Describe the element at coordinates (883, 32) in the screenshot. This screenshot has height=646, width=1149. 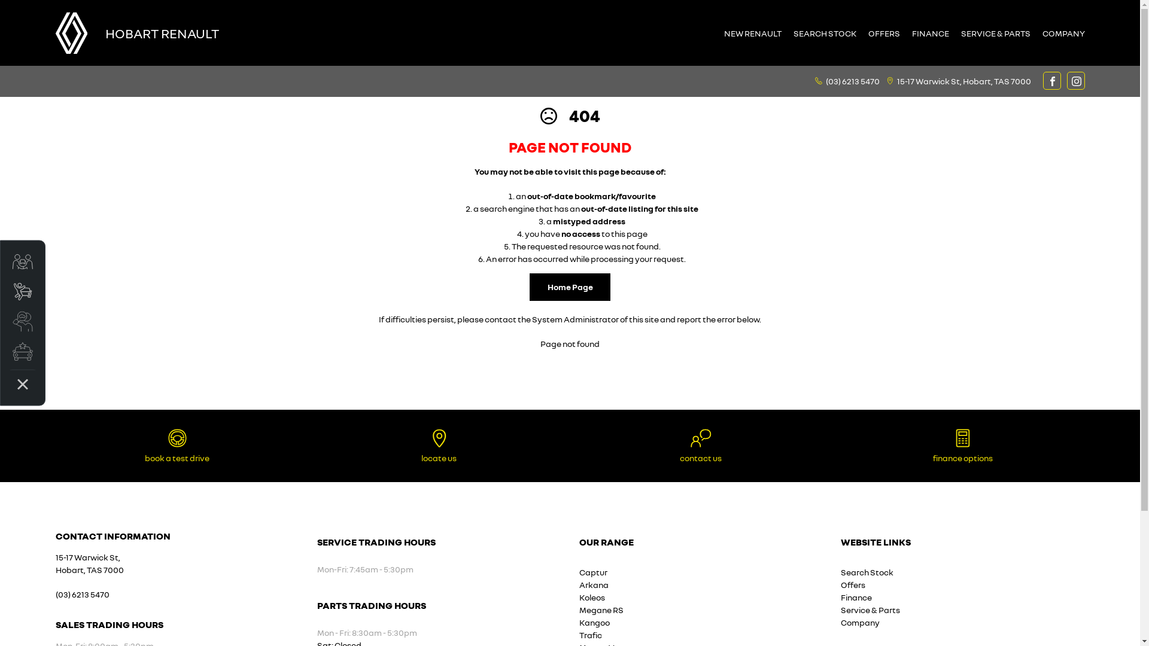
I see `'OFFERS'` at that location.